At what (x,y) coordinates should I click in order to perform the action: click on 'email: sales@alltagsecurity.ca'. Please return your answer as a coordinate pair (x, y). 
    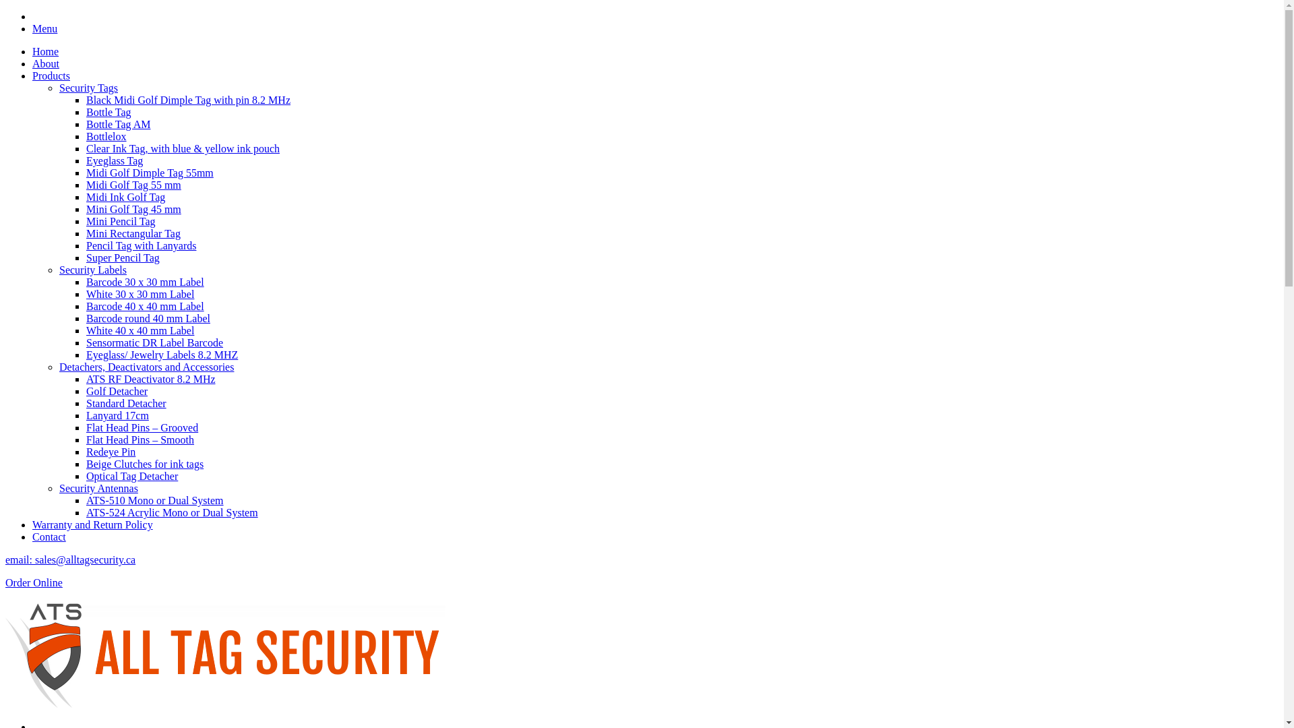
    Looking at the image, I should click on (69, 559).